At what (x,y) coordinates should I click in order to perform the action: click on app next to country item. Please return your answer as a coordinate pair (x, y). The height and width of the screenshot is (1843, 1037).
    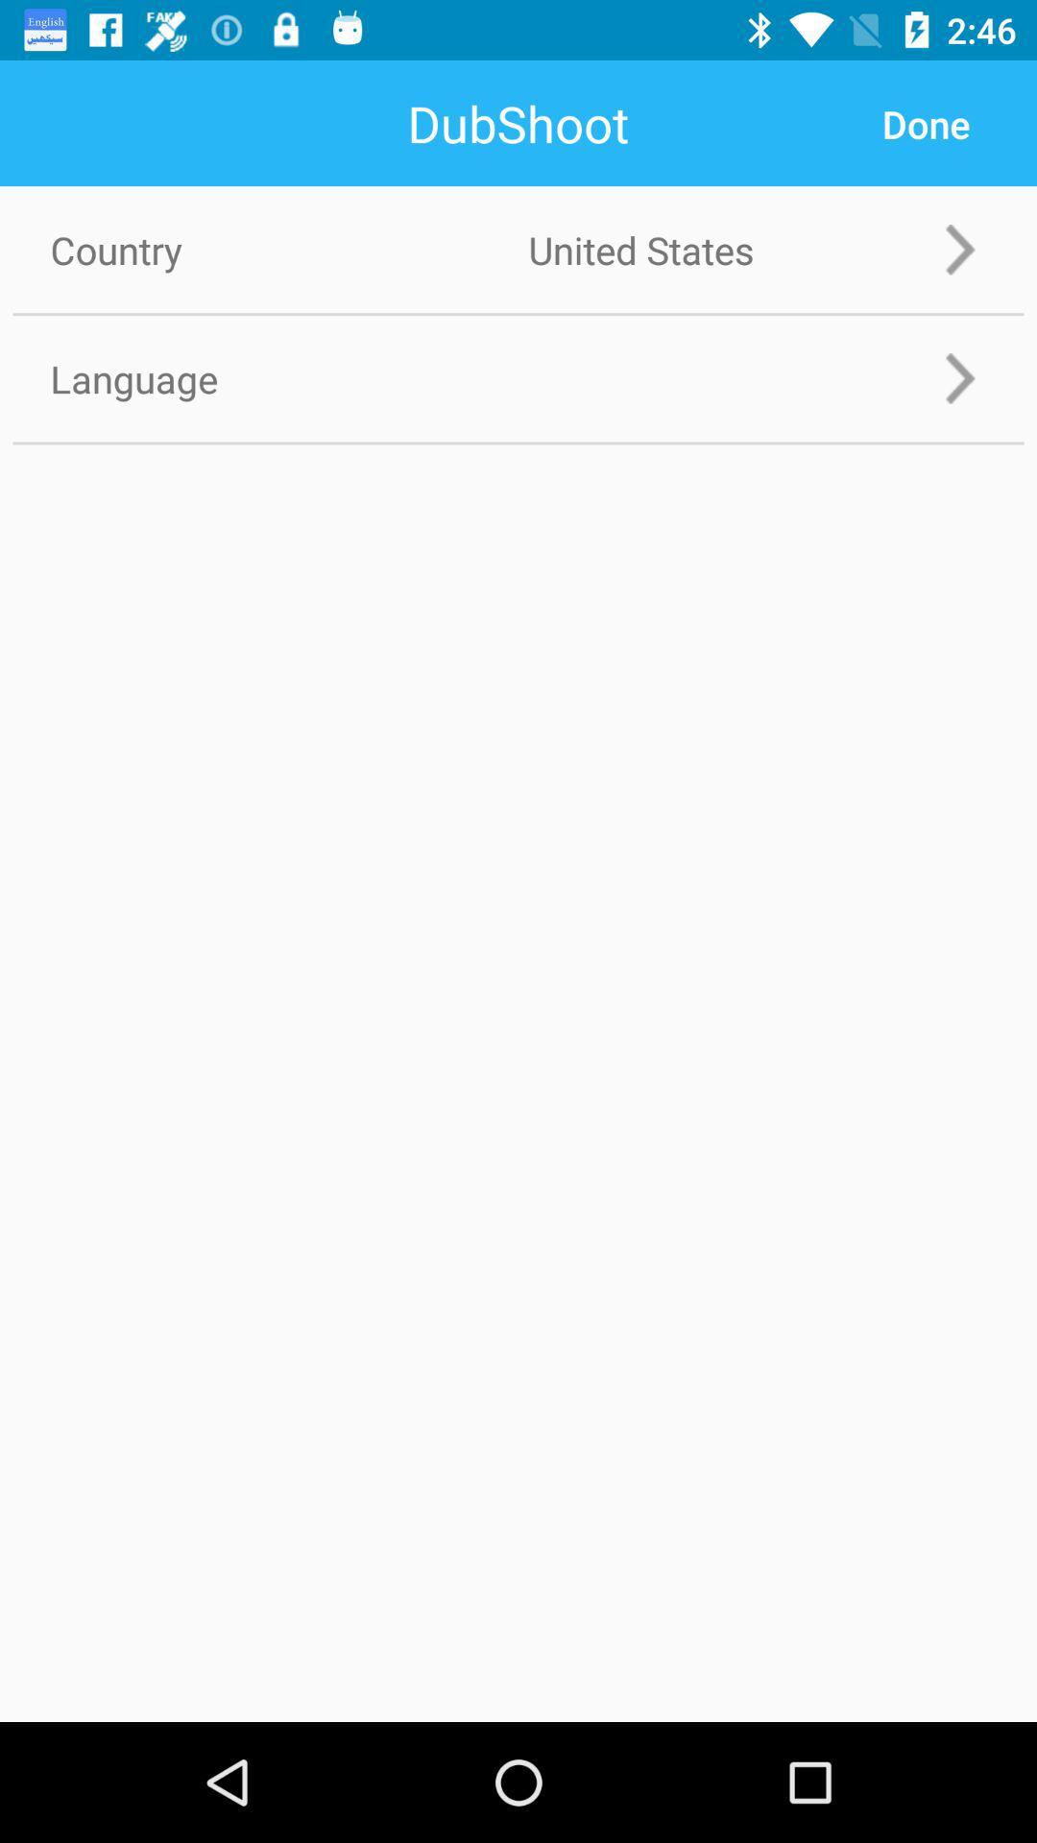
    Looking at the image, I should click on (925, 123).